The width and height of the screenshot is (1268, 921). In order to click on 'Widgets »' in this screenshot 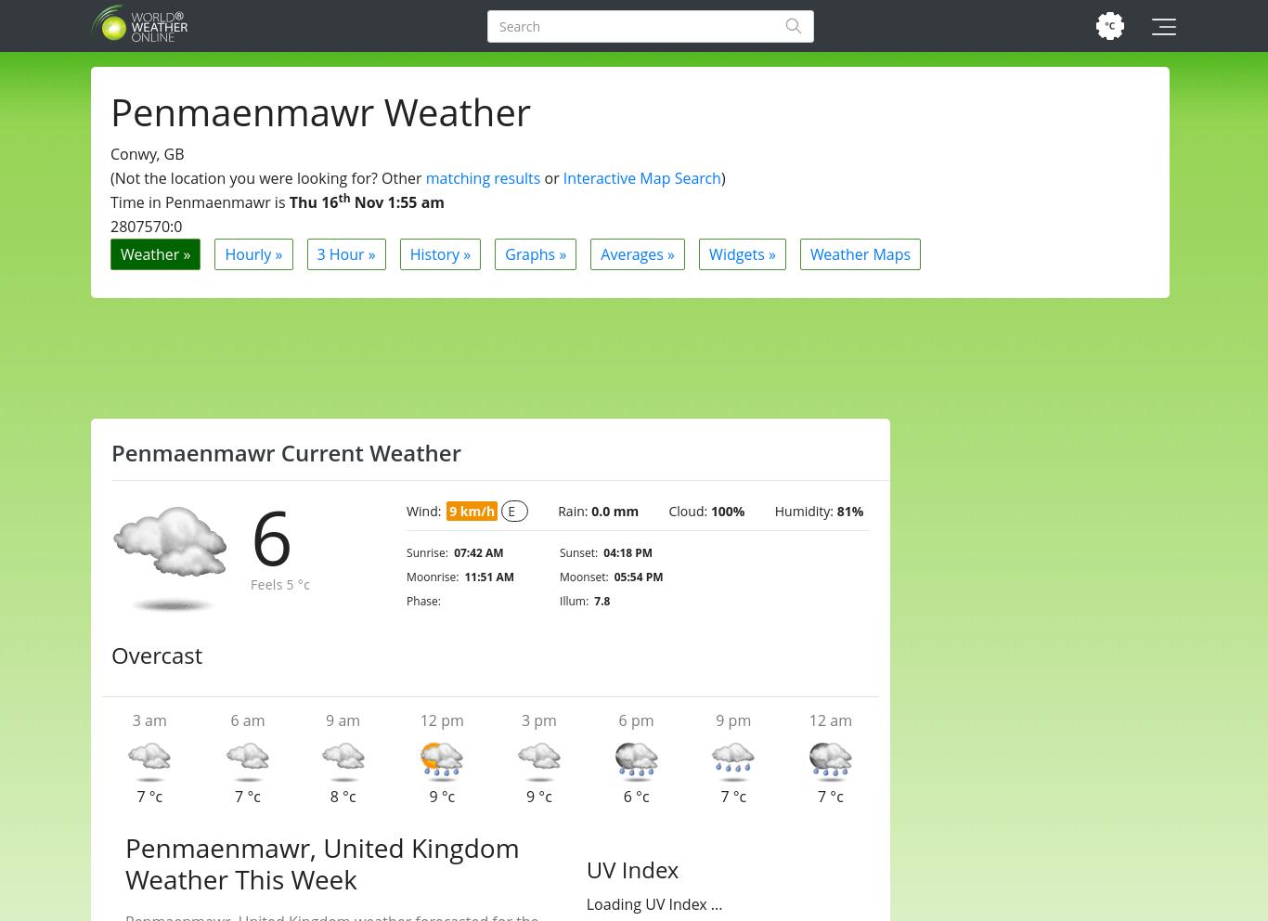, I will do `click(741, 253)`.